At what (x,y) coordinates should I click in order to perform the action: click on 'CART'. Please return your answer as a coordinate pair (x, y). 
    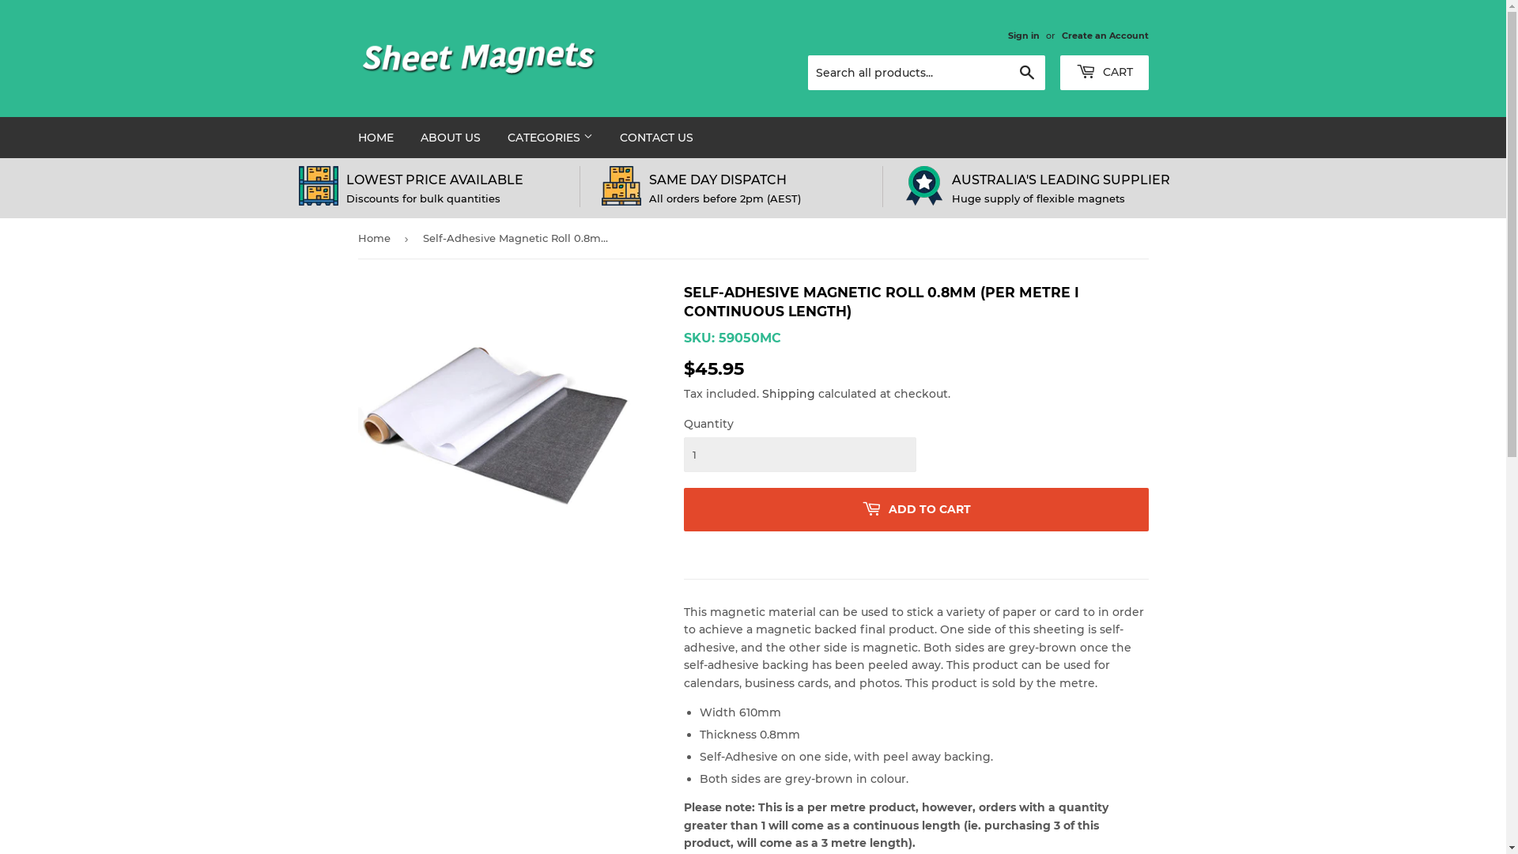
    Looking at the image, I should click on (1103, 73).